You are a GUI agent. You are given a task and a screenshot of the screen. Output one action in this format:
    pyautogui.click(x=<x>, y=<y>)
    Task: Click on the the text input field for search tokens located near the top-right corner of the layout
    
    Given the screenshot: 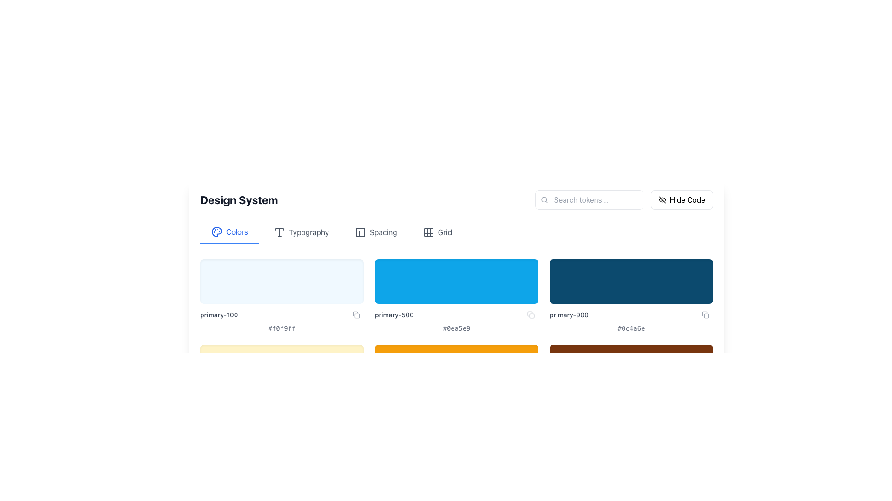 What is the action you would take?
    pyautogui.click(x=589, y=199)
    